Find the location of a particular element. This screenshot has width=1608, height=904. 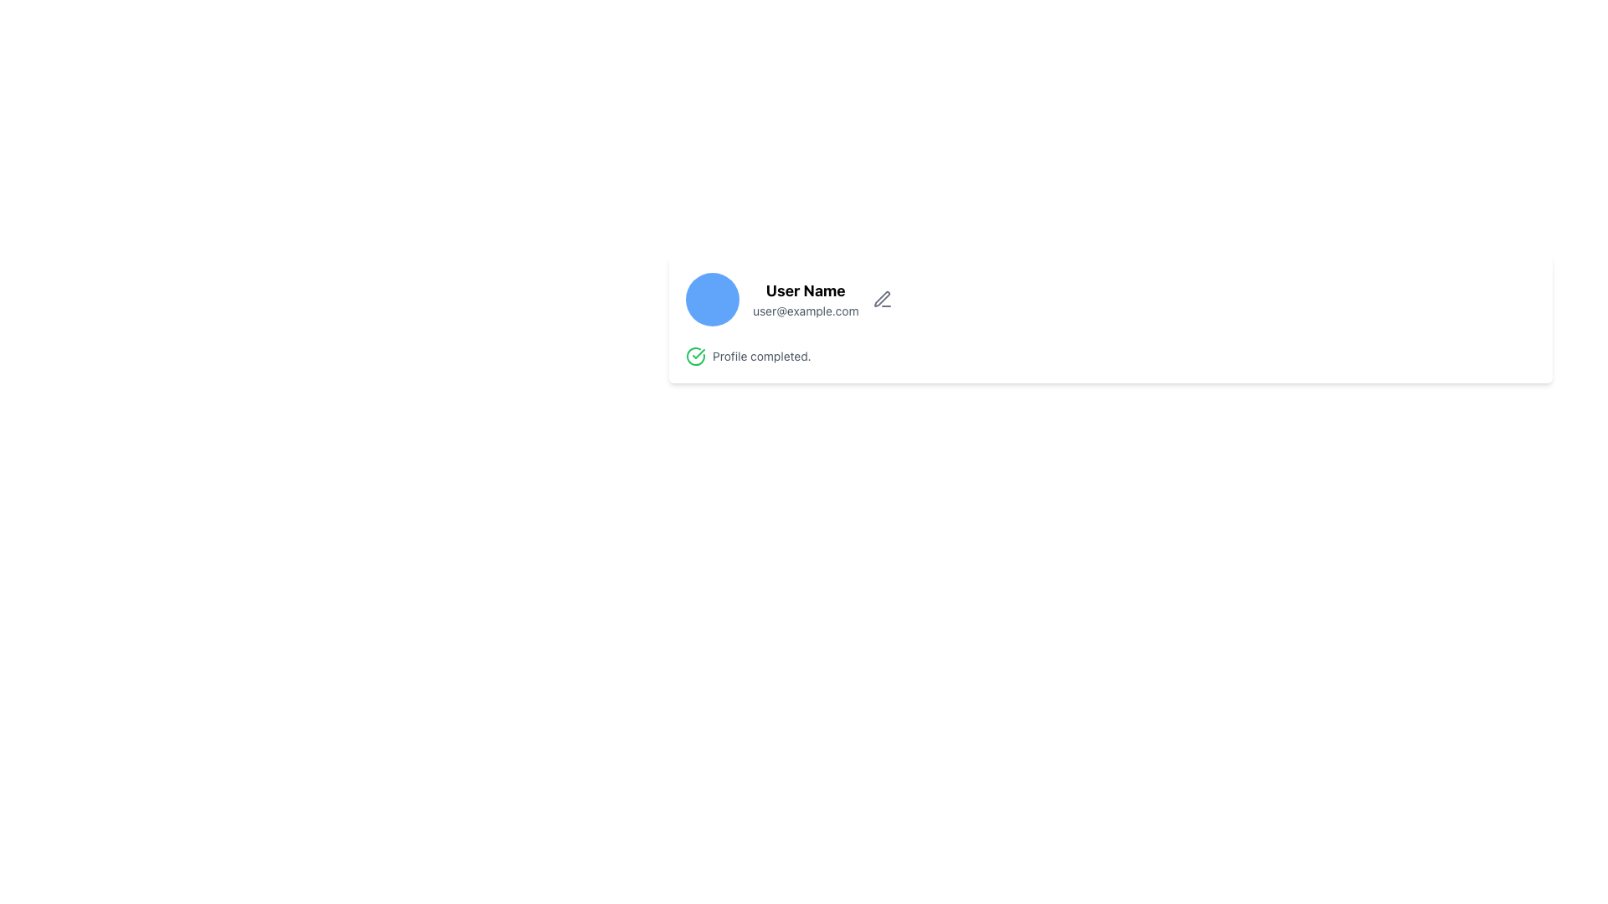

the icon indicating a successfully completed profile, located to the left of the text 'Profile completed.' is located at coordinates (695, 355).